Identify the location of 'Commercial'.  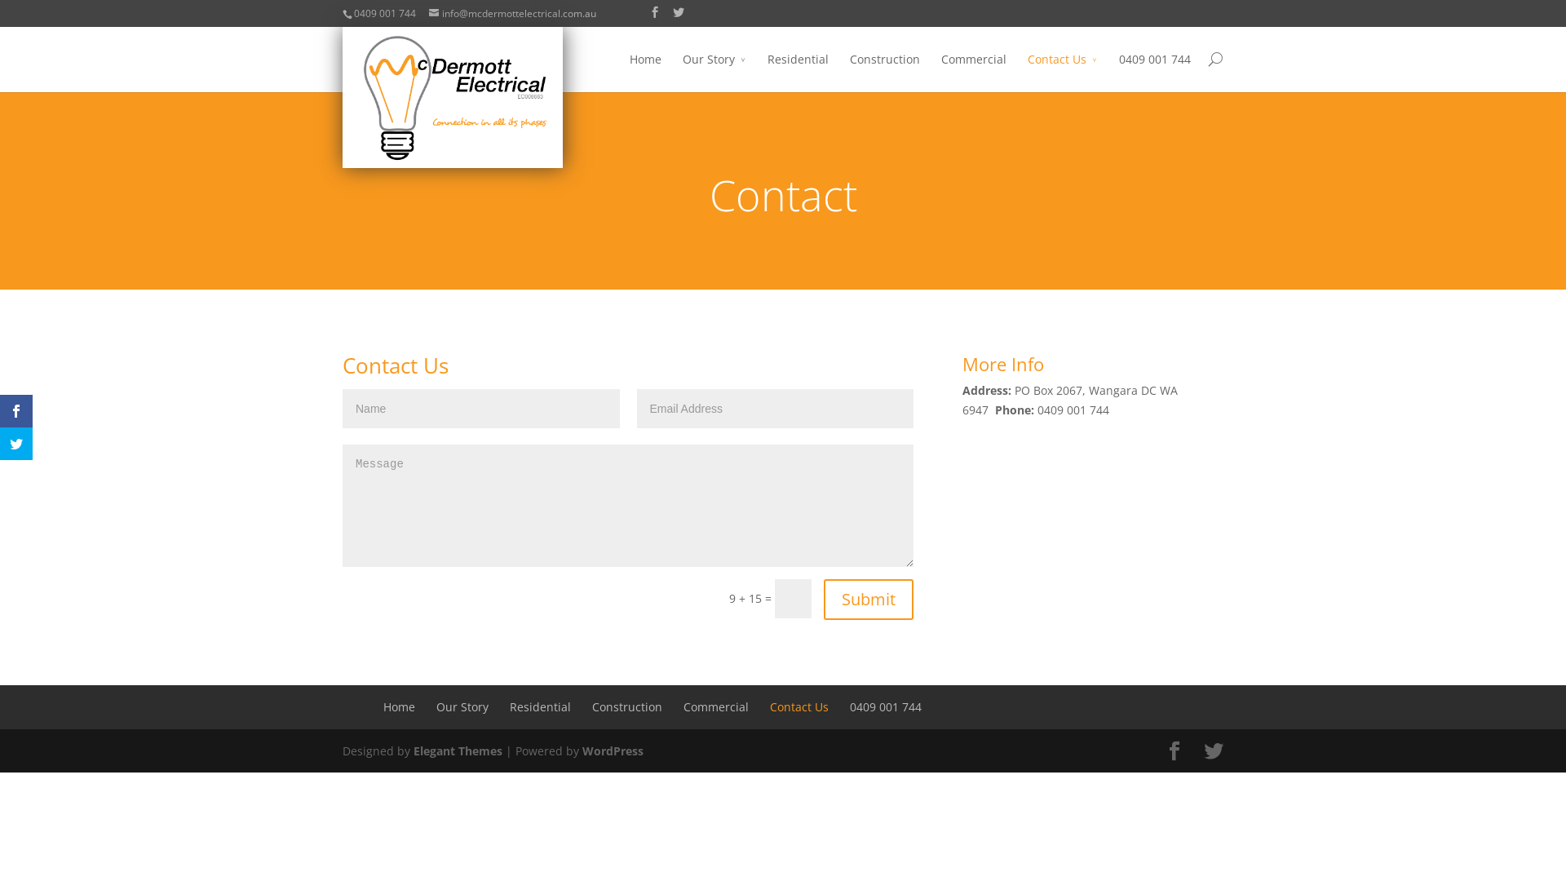
(974, 70).